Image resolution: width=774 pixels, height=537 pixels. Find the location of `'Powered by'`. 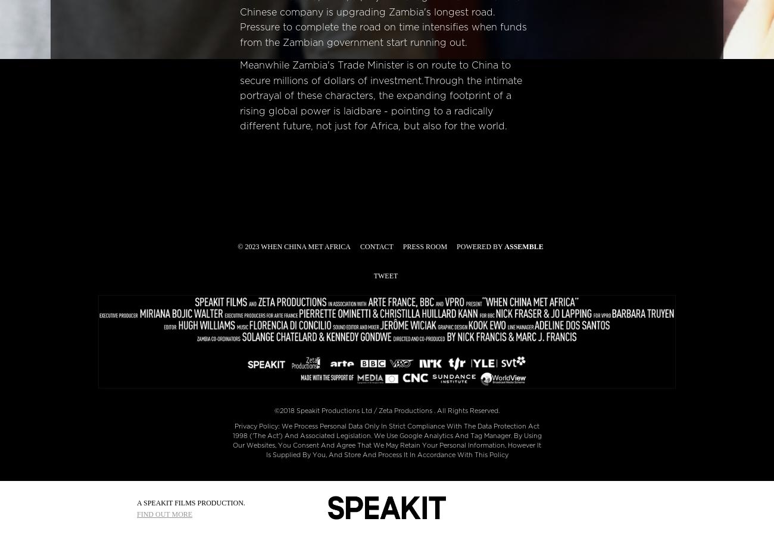

'Powered by' is located at coordinates (480, 246).